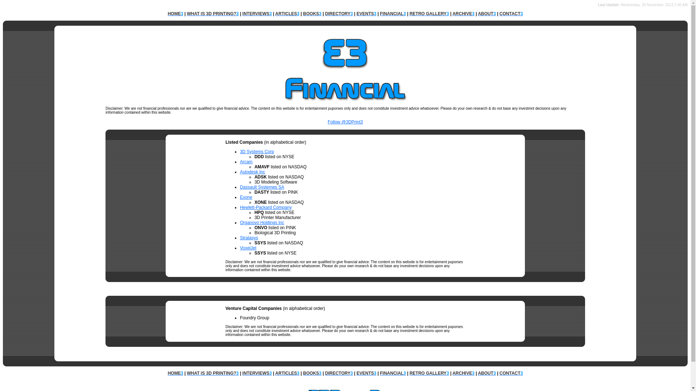 The width and height of the screenshot is (696, 391). What do you see at coordinates (240, 237) in the screenshot?
I see `'Stratasys'` at bounding box center [240, 237].